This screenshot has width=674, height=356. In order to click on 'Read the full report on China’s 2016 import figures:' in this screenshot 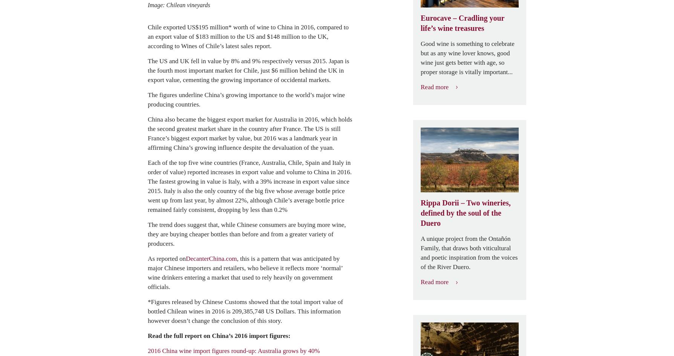, I will do `click(219, 335)`.